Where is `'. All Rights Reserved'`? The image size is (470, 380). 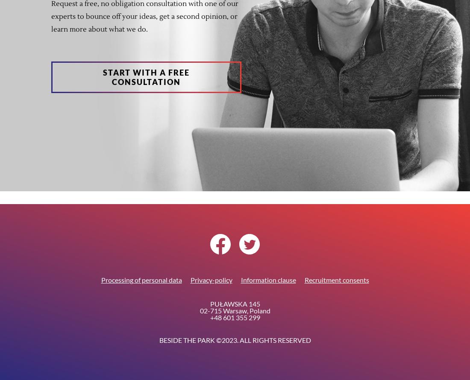
'. All Rights Reserved' is located at coordinates (273, 340).